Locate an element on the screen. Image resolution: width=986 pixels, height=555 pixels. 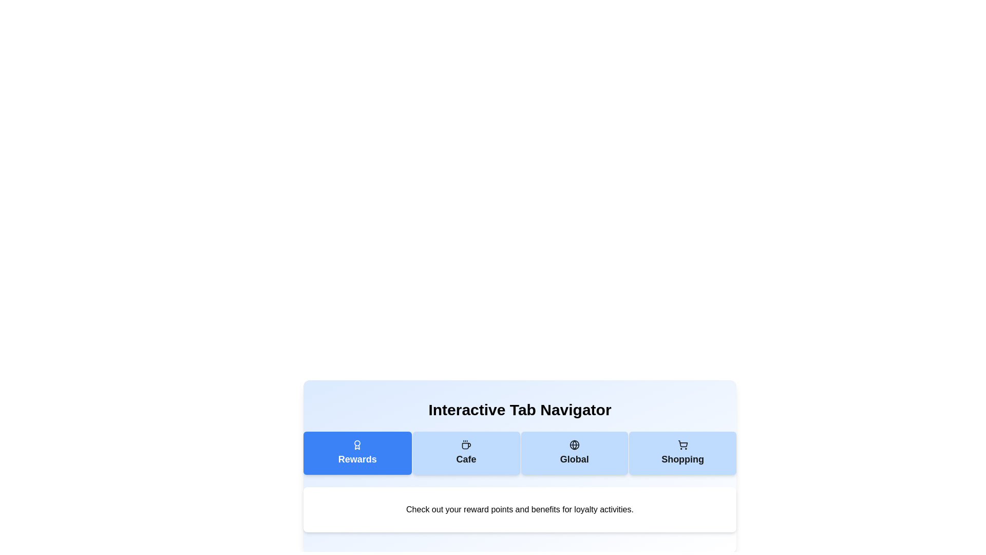
the tab labeled Rewards is located at coordinates (357, 453).